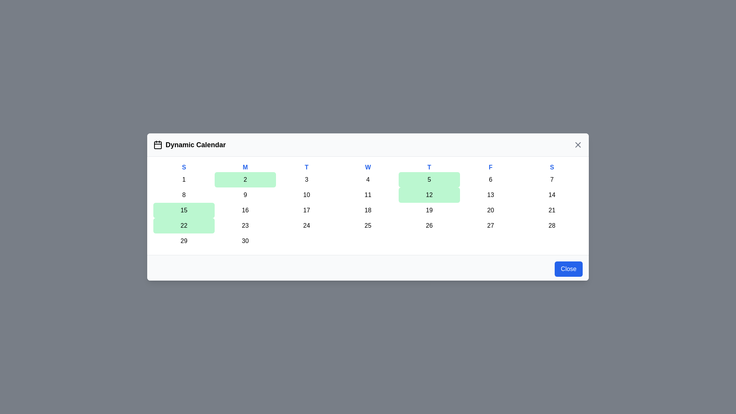 The height and width of the screenshot is (414, 736). I want to click on the day cell corresponding to 7, so click(552, 180).